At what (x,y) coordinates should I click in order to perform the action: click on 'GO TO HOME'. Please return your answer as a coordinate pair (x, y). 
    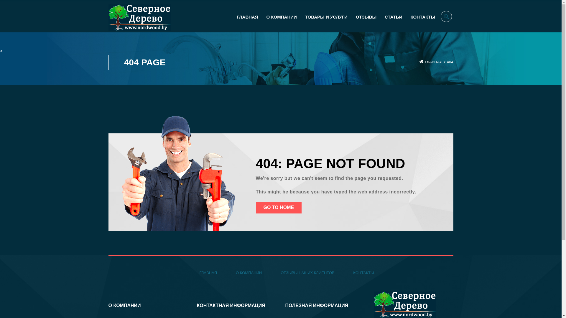
    Looking at the image, I should click on (278, 207).